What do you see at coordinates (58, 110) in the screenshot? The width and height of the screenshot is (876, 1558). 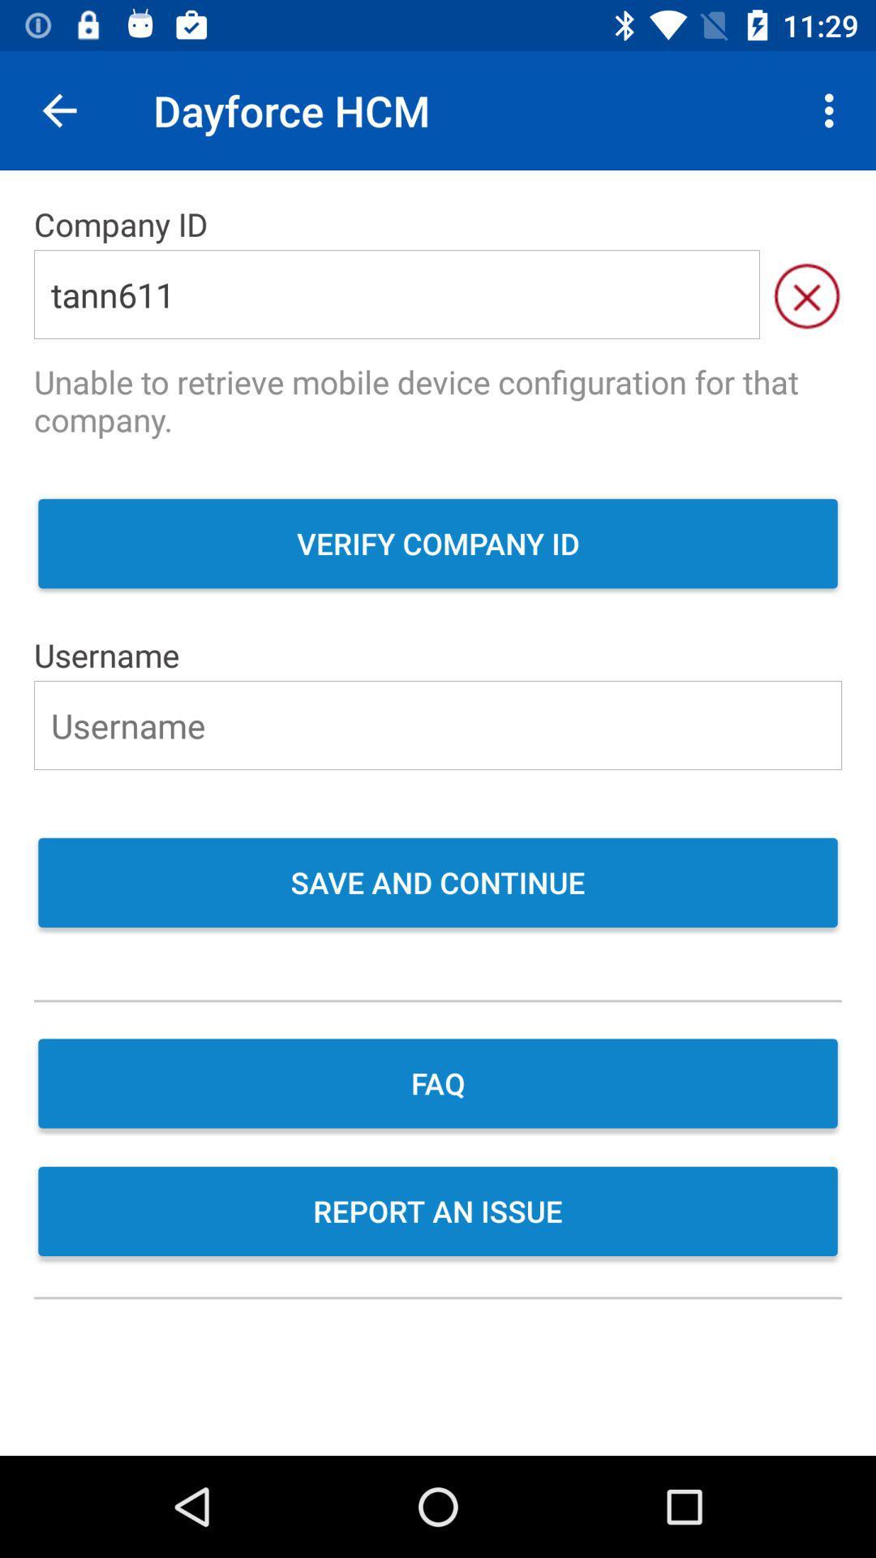 I see `item to the left of the dayforce hcm item` at bounding box center [58, 110].